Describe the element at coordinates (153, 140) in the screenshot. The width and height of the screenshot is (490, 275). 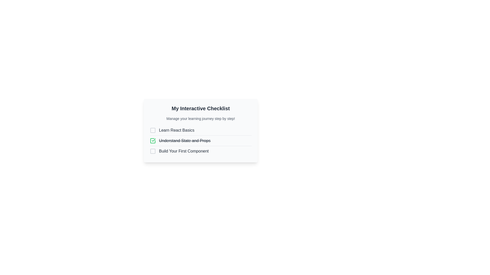
I see `the checkmark icon within a square that indicates the completion of the task 'Understand State and Props' in the checklist` at that location.